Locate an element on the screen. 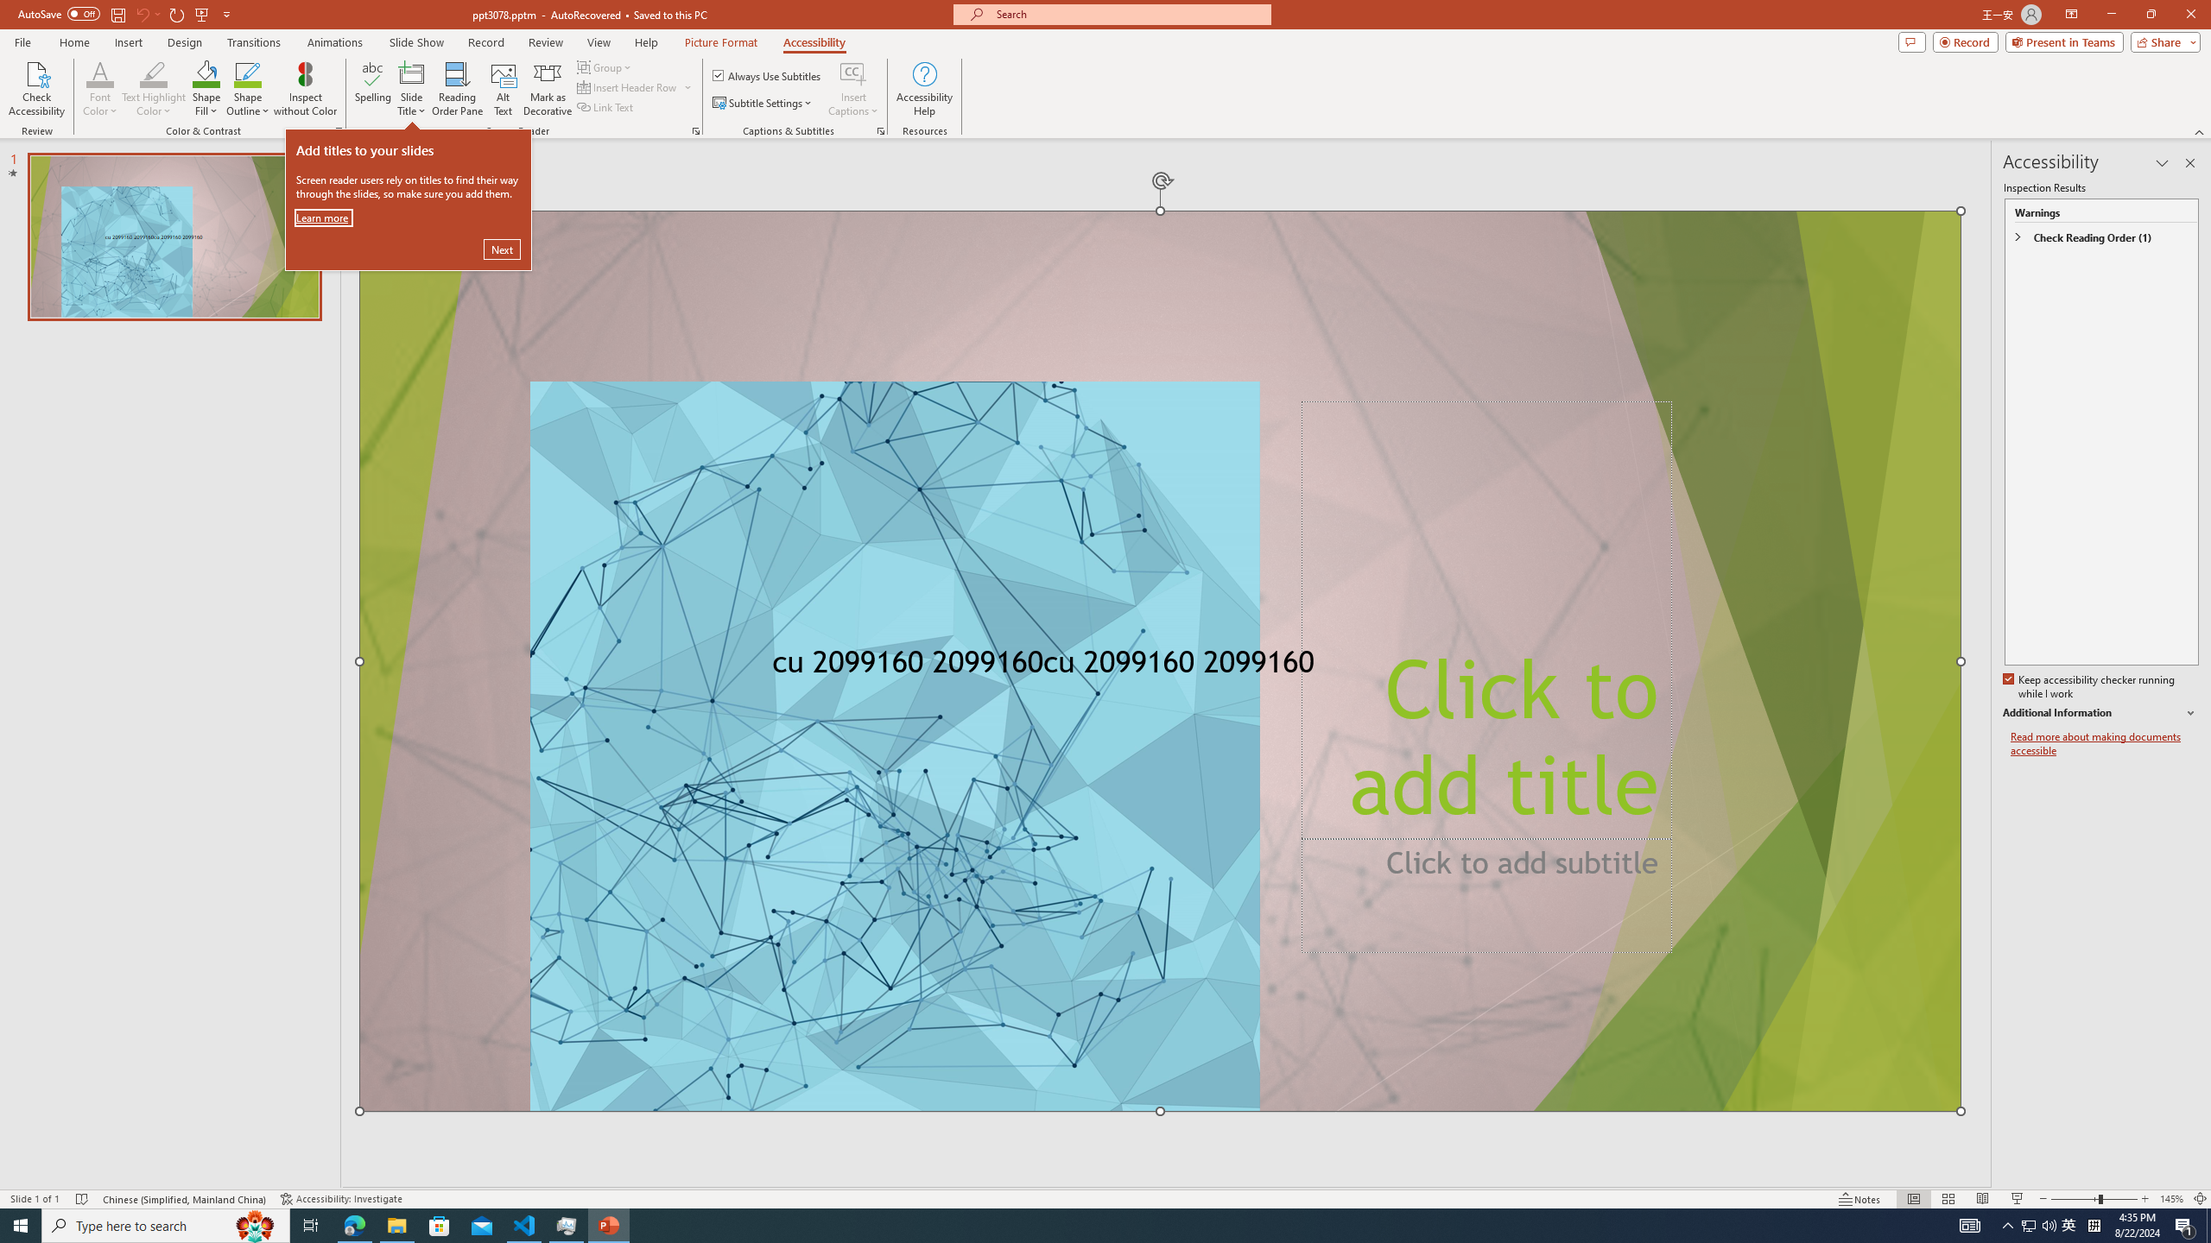  'Slide Title' is located at coordinates (411, 89).